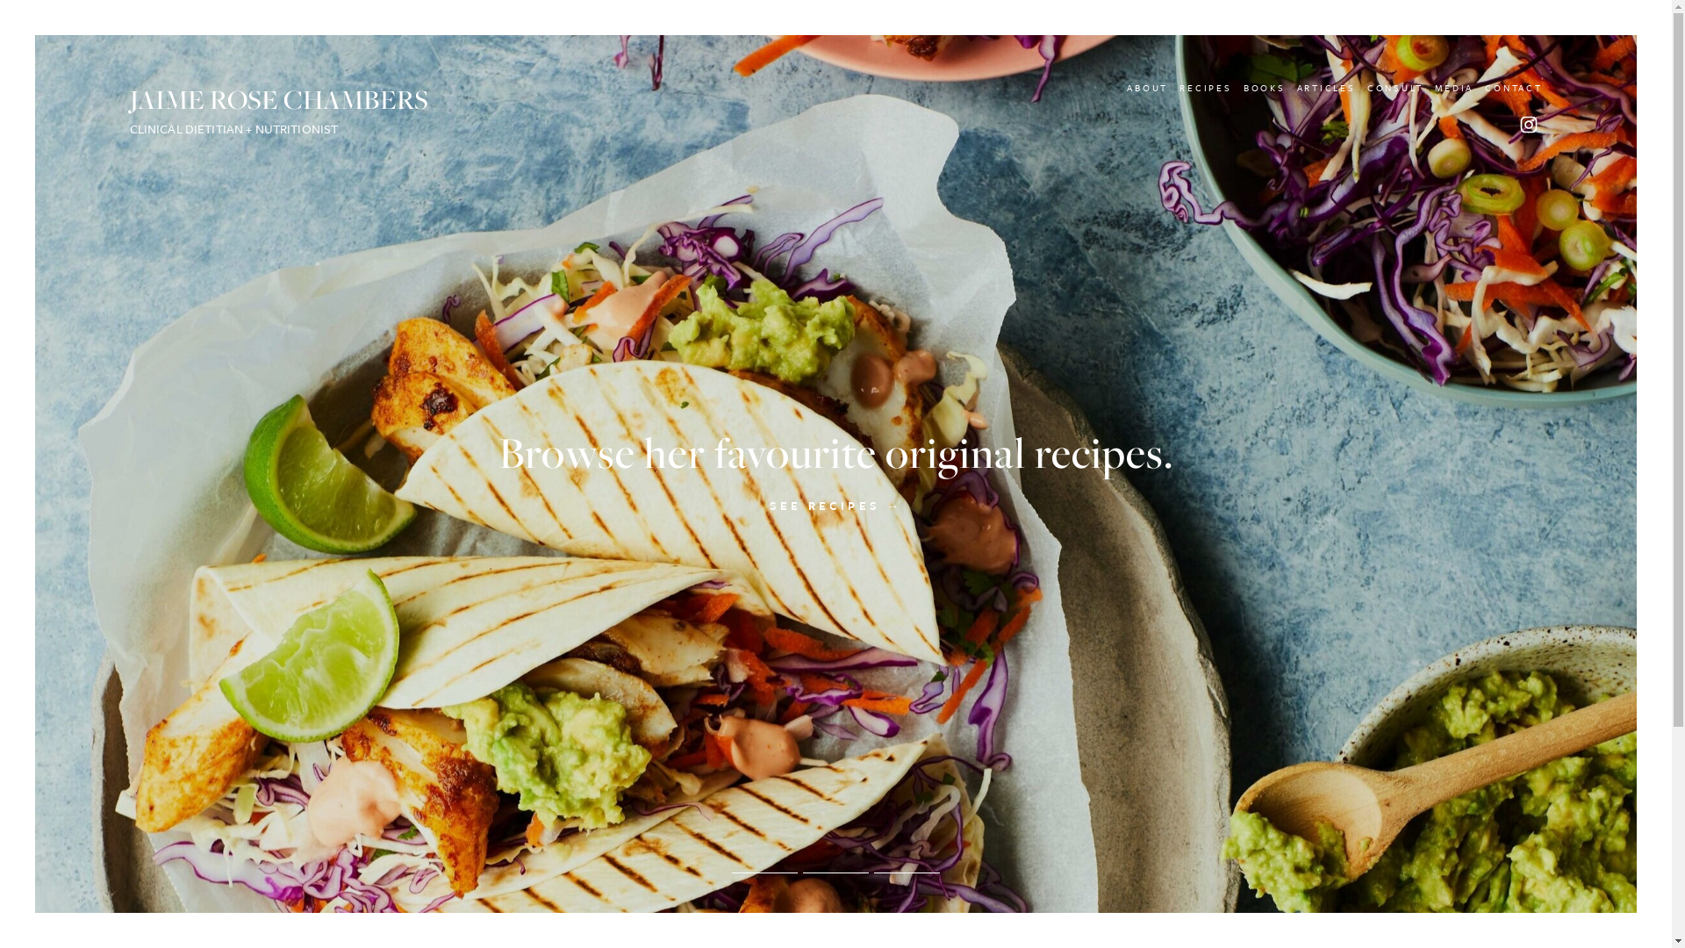  What do you see at coordinates (1147, 88) in the screenshot?
I see `'ABOUT'` at bounding box center [1147, 88].